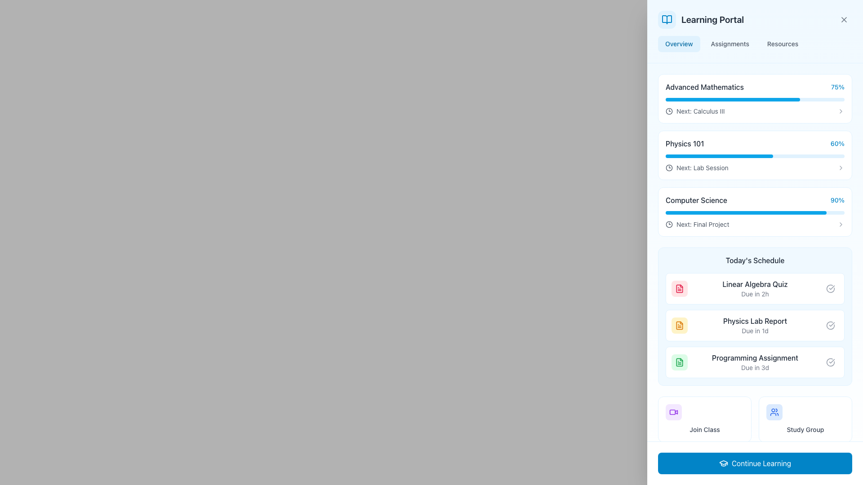 This screenshot has height=485, width=863. Describe the element at coordinates (700, 19) in the screenshot. I see `text 'Learning Portal' on the label with an open book icon located at the top-left of the sidebar panel` at that location.